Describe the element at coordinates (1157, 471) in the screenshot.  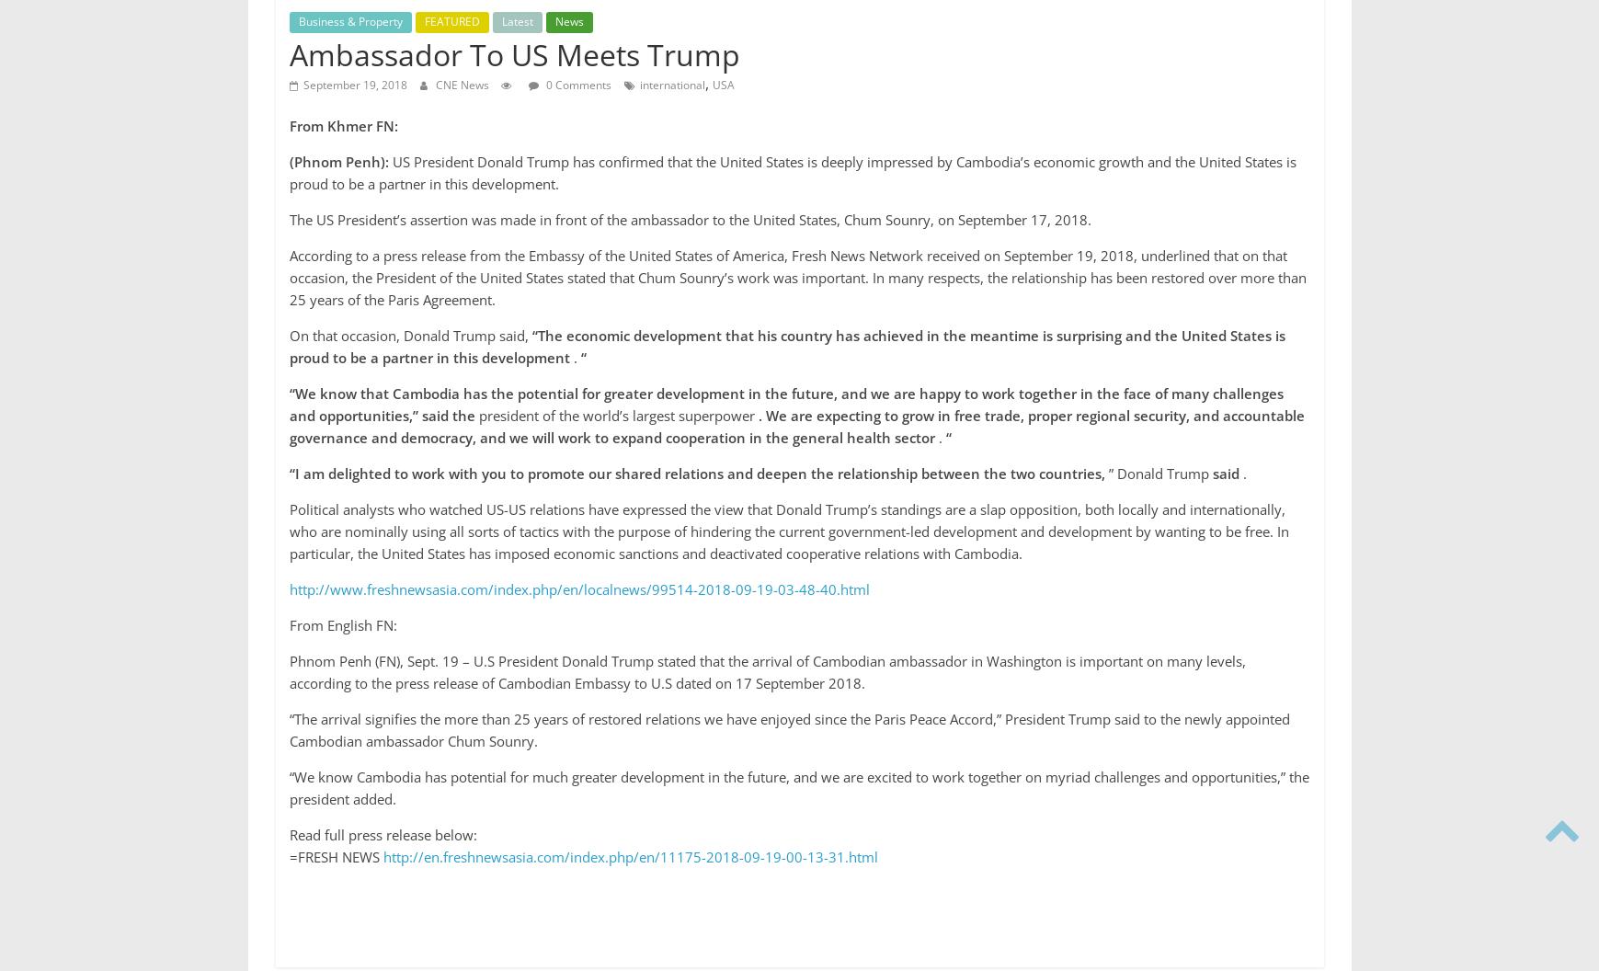
I see `'” Donald Trump'` at that location.